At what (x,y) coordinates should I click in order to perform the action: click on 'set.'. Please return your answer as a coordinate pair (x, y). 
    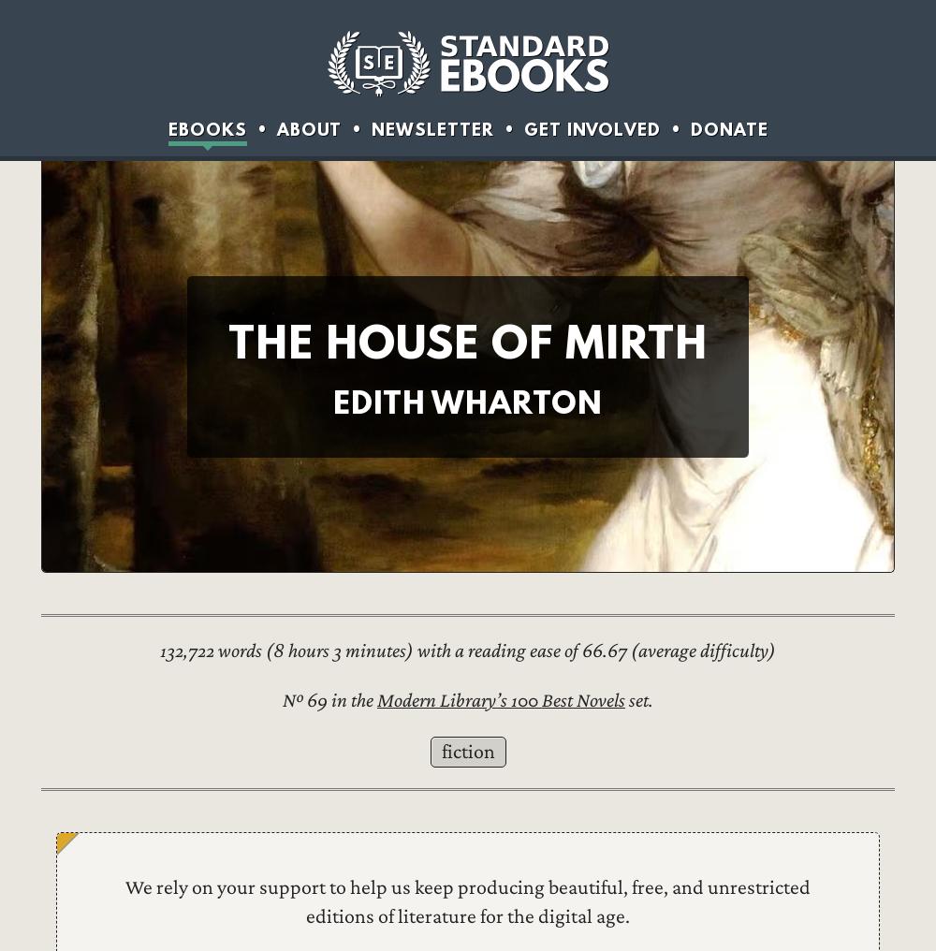
    Looking at the image, I should click on (639, 700).